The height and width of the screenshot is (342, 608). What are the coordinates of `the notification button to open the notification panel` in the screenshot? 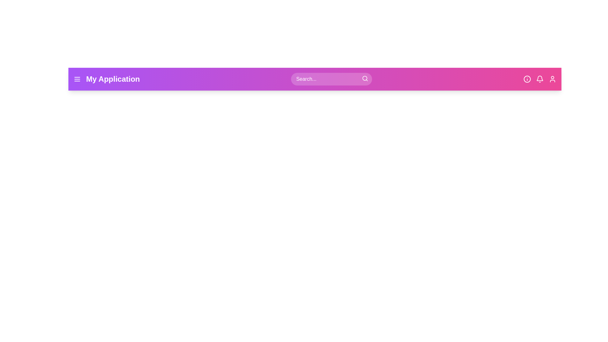 It's located at (539, 79).